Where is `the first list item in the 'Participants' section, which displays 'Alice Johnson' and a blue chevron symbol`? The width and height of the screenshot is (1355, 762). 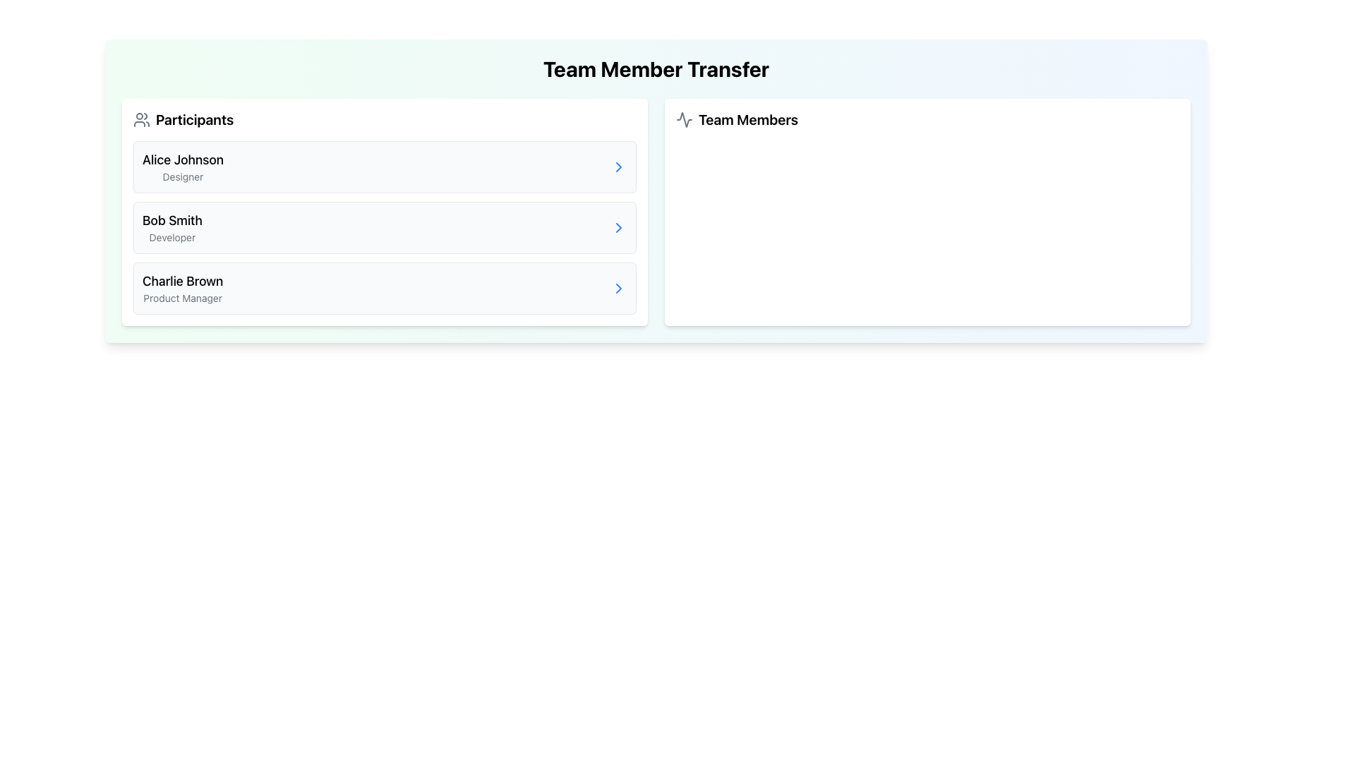
the first list item in the 'Participants' section, which displays 'Alice Johnson' and a blue chevron symbol is located at coordinates (385, 166).